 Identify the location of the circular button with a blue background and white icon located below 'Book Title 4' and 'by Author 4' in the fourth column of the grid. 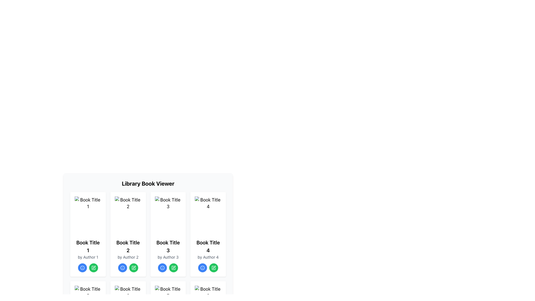
(202, 267).